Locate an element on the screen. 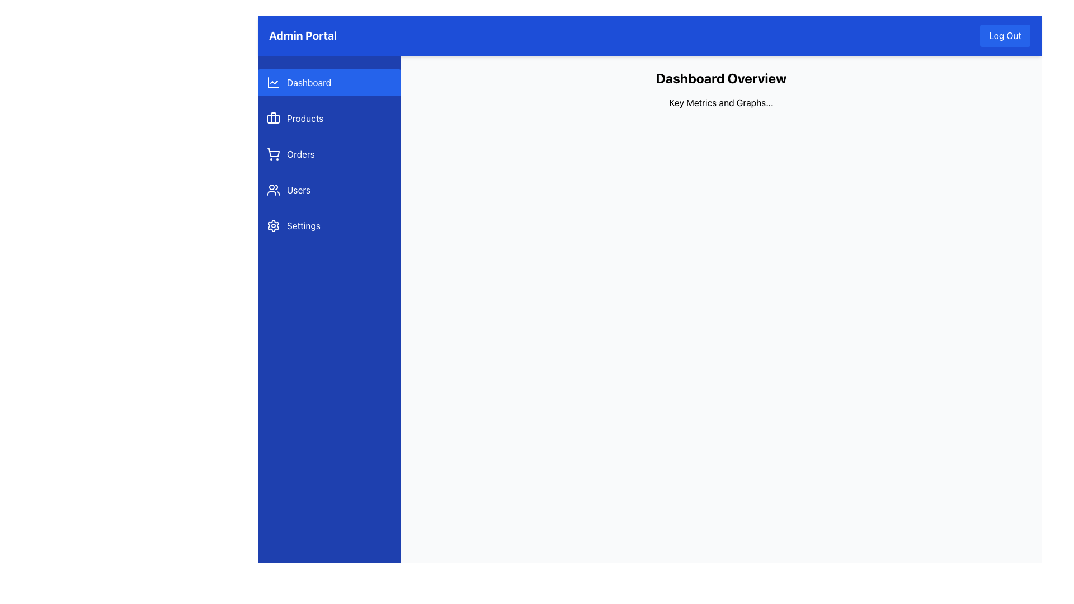 This screenshot has height=604, width=1074. the 'Products' text label which is displayed in white text on a blue background, located next to a briefcase icon in the second menu item of the vertical menu is located at coordinates (305, 119).